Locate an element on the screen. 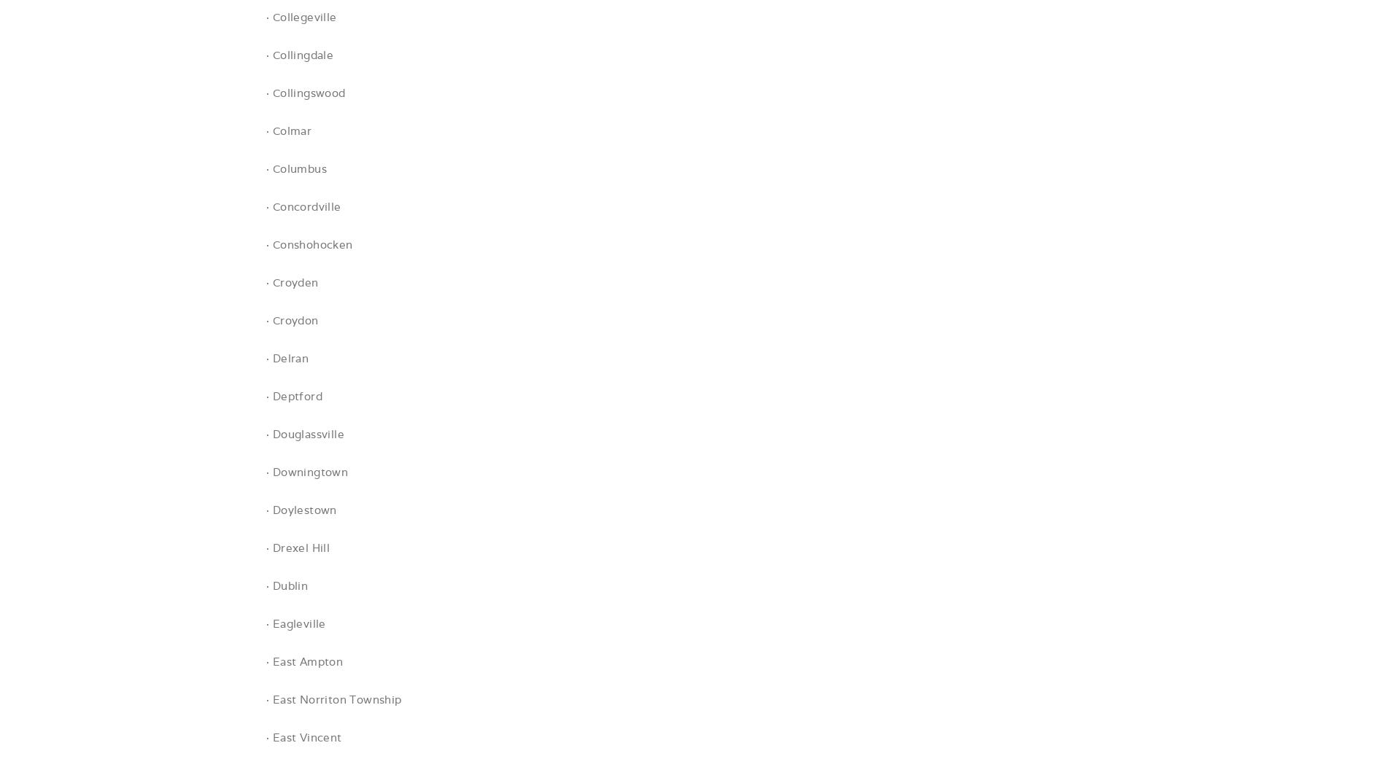 The width and height of the screenshot is (1386, 767). '· Colmar' is located at coordinates (287, 131).